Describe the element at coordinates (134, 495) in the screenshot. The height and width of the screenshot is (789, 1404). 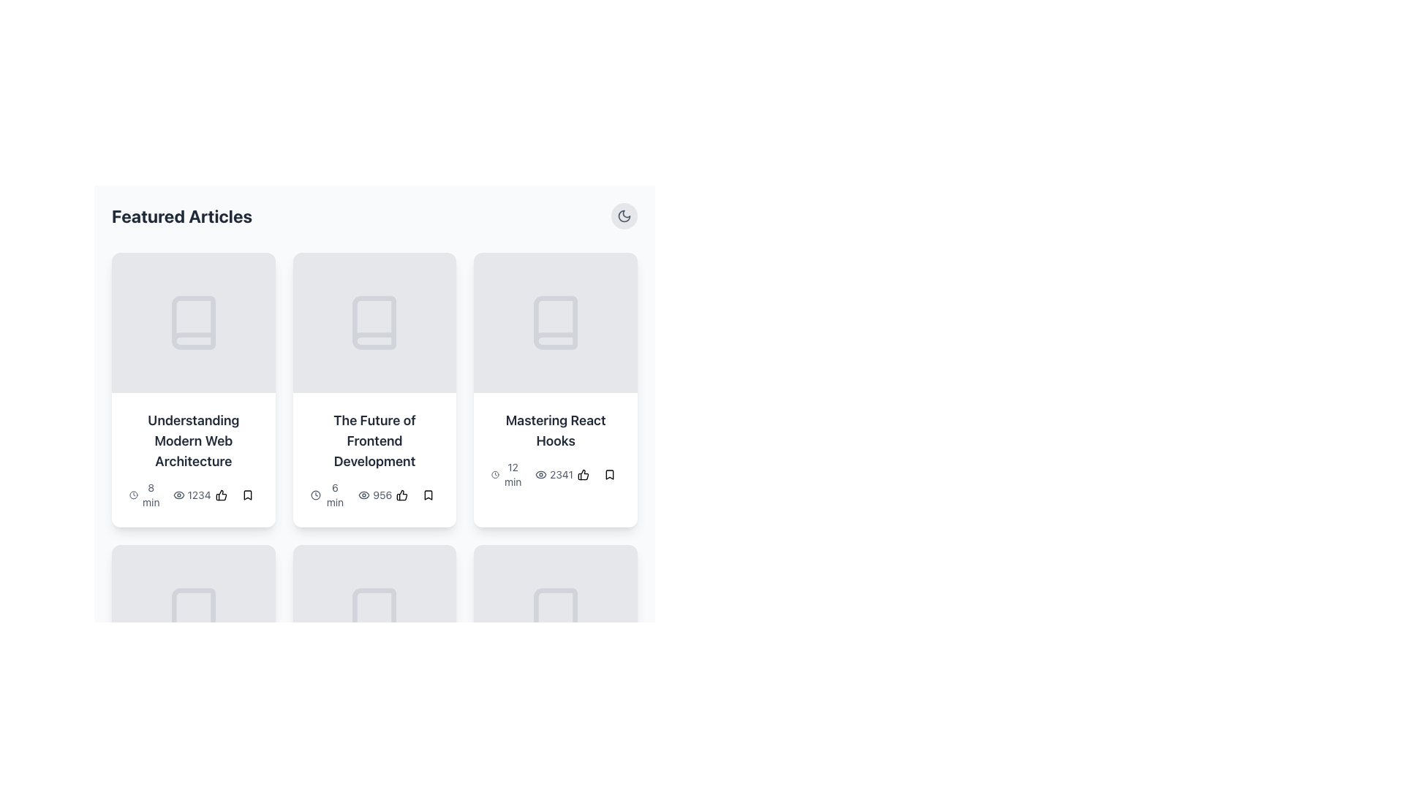
I see `the icon indicating the time duration for reading the article 'Understanding Modern Web Architecture', which is located to the left of the text '8 min'` at that location.